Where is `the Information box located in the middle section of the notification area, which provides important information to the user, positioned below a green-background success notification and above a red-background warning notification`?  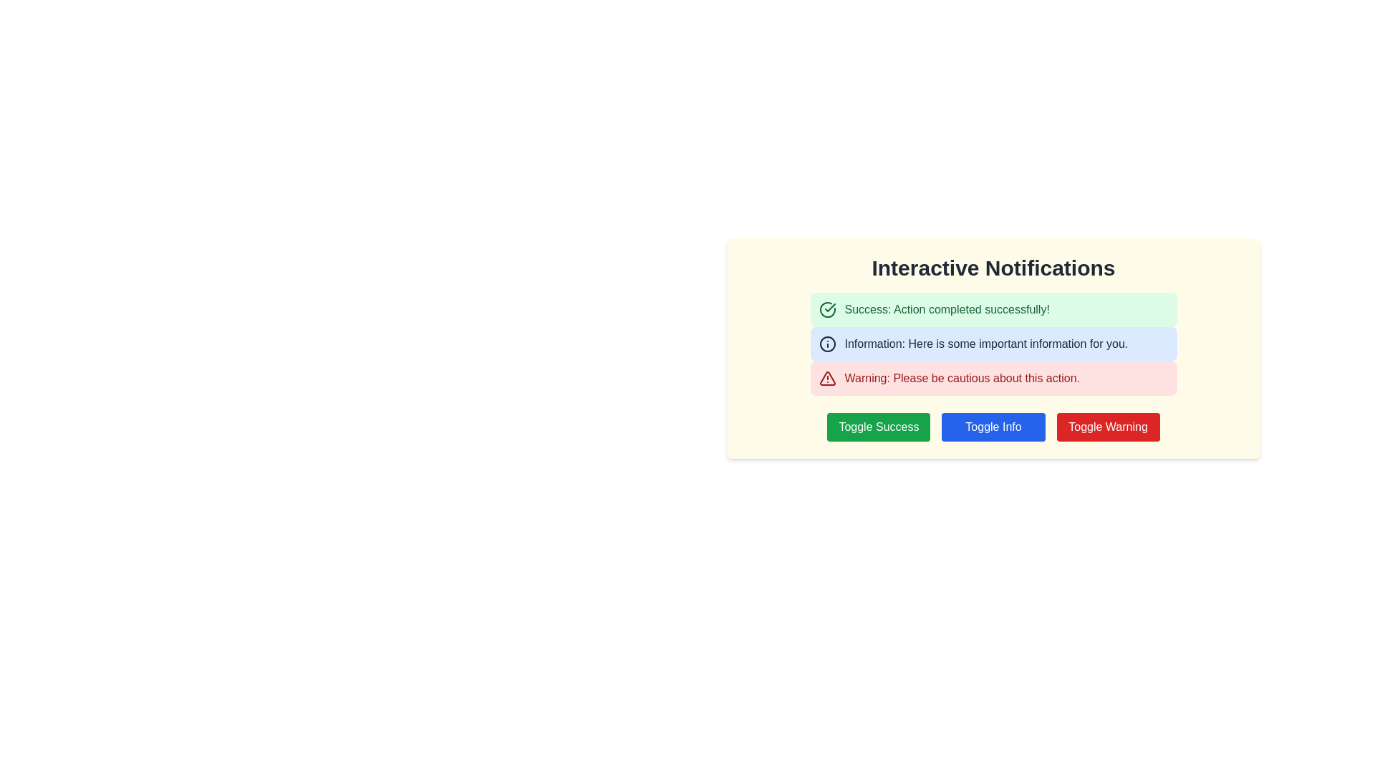
the Information box located in the middle section of the notification area, which provides important information to the user, positioned below a green-background success notification and above a red-background warning notification is located at coordinates (993, 344).